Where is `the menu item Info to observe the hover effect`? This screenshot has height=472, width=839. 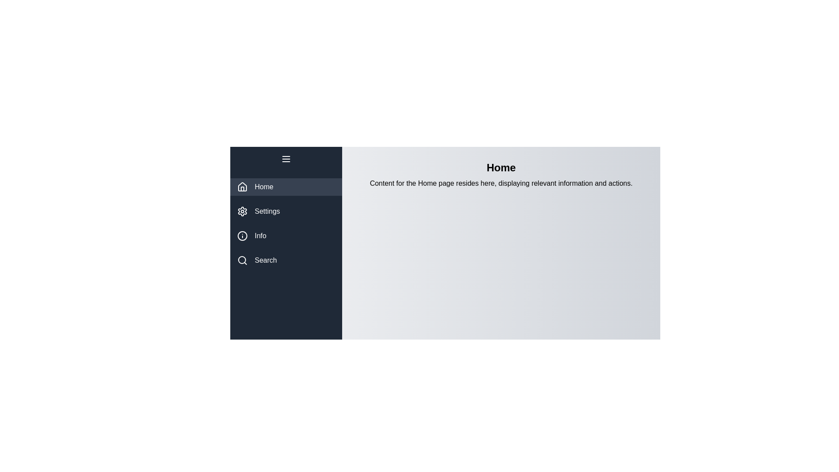 the menu item Info to observe the hover effect is located at coordinates (286, 236).